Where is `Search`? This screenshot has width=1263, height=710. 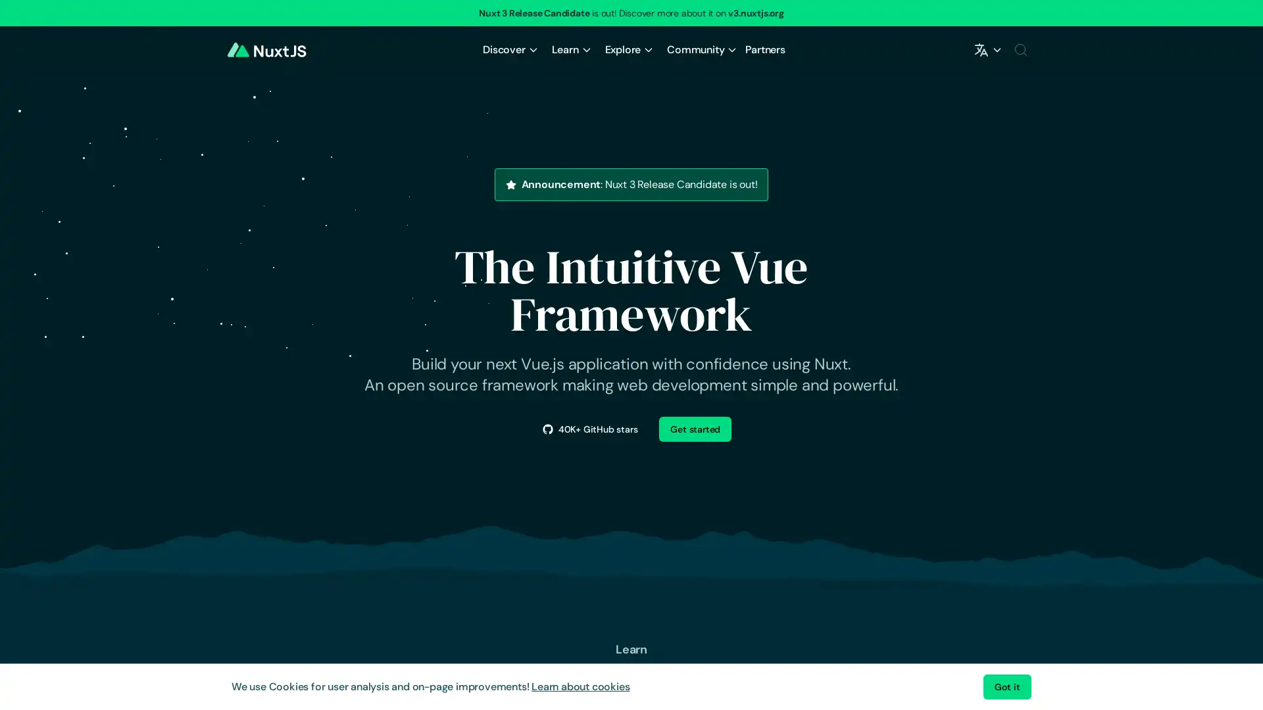 Search is located at coordinates (1020, 49).